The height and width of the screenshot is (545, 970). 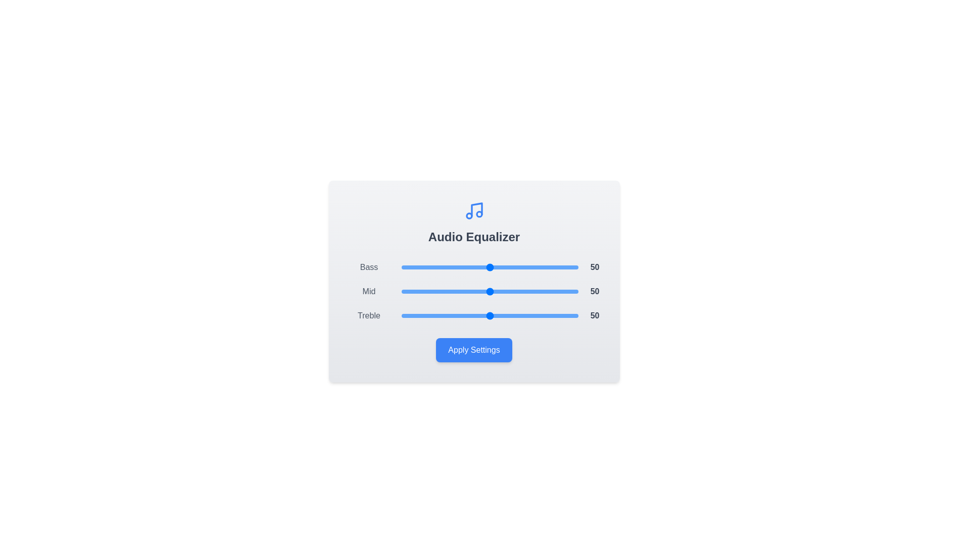 What do you see at coordinates (556, 292) in the screenshot?
I see `the 'Mid' slider to 88` at bounding box center [556, 292].